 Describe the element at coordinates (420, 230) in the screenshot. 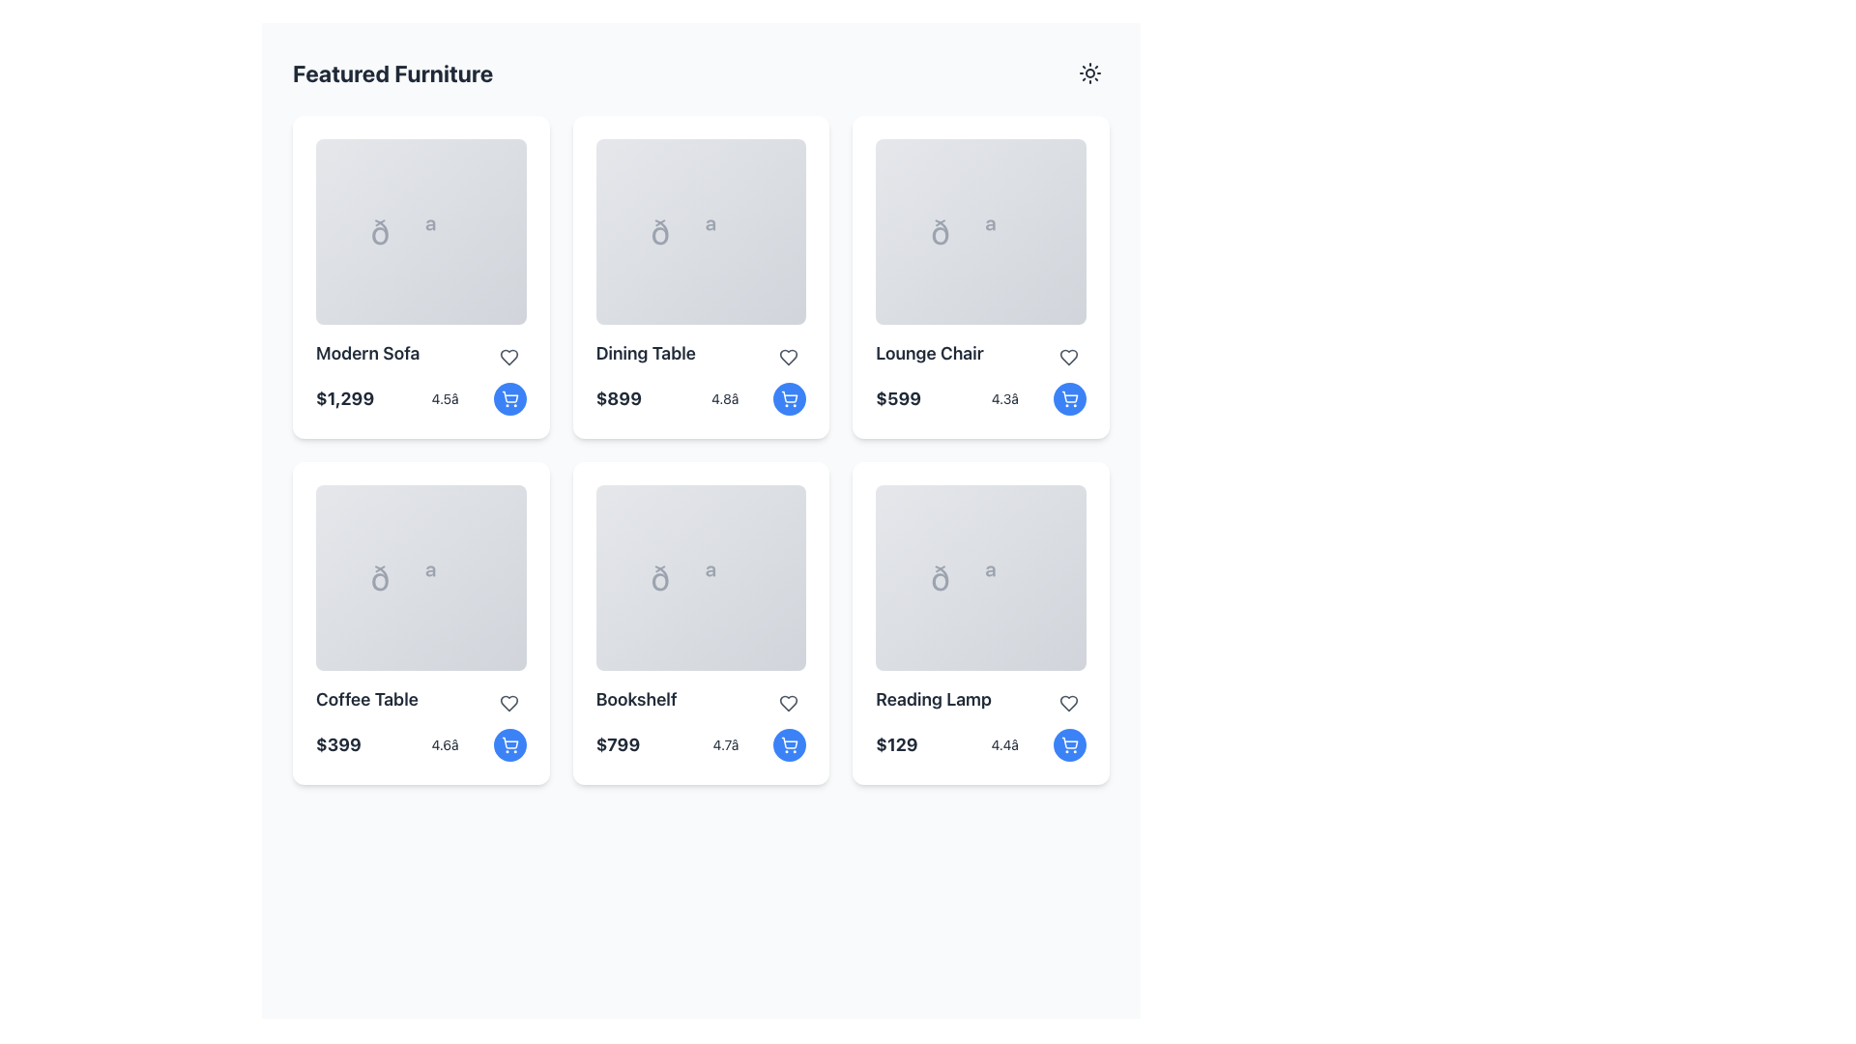

I see `the gray icon labeled with a large font inside the 'Modern Sofa' product card located in the top-left corner of the grid layout` at that location.